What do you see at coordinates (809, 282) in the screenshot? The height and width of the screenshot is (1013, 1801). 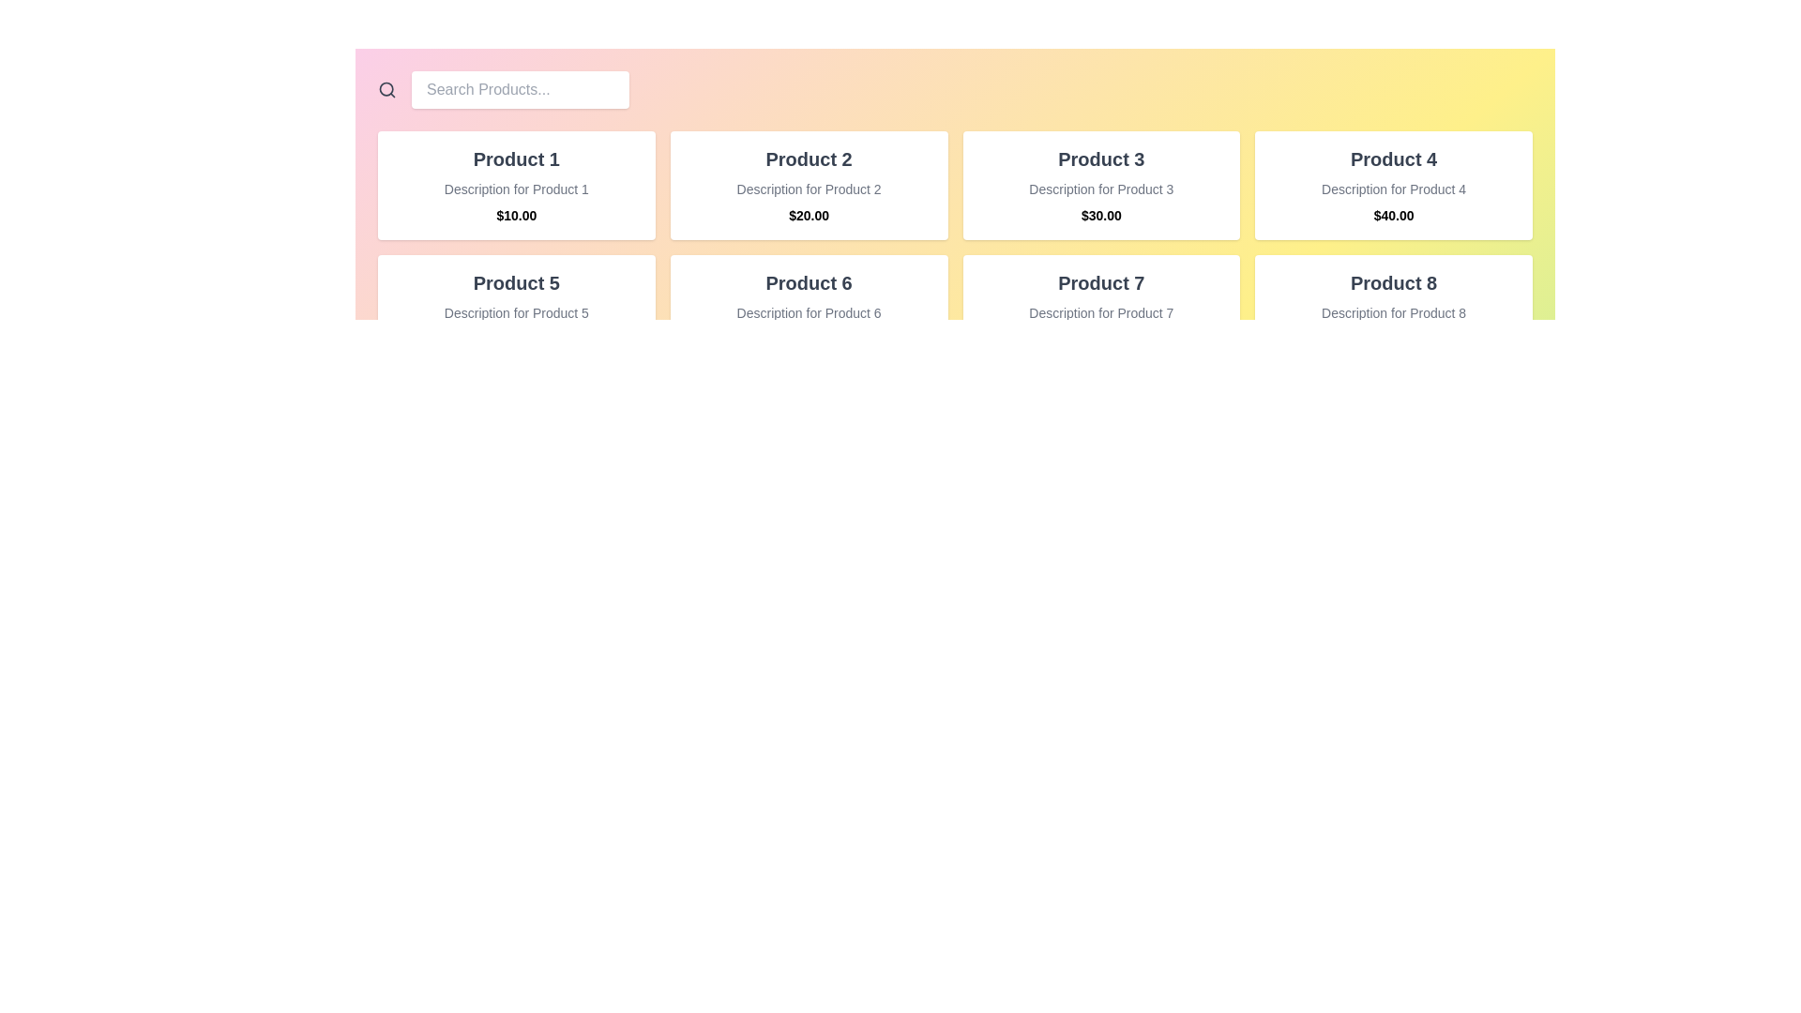 I see `the text label displaying 'Product 6', which is styled in bold dark gray on a white card background, located in the second row, second column of a grid layout` at bounding box center [809, 282].